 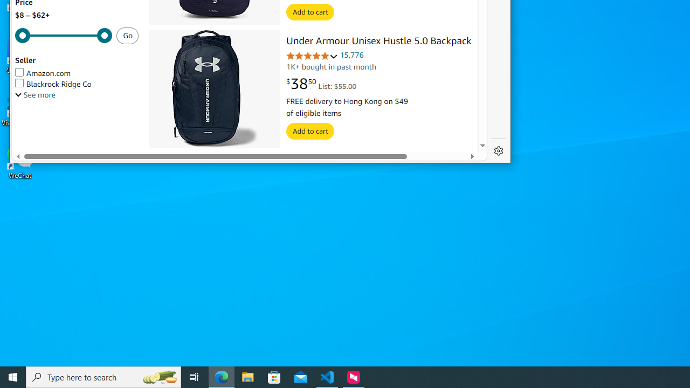 I want to click on 'Start', so click(x=13, y=376).